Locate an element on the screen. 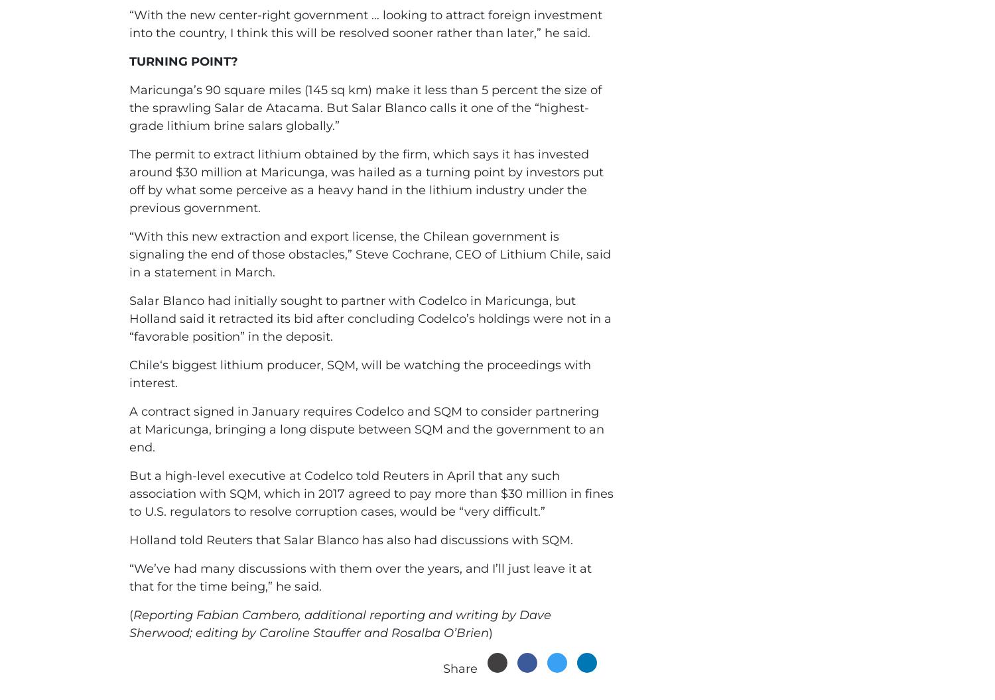 The height and width of the screenshot is (700, 995). 'But a high-level executive at Codelco told Reuters in April that any such association with SQM, which in 2017 agreed to pay more than $30 million in fines to U.S. regulators to resolve corruption cases, would be “very difficult.”' is located at coordinates (371, 493).